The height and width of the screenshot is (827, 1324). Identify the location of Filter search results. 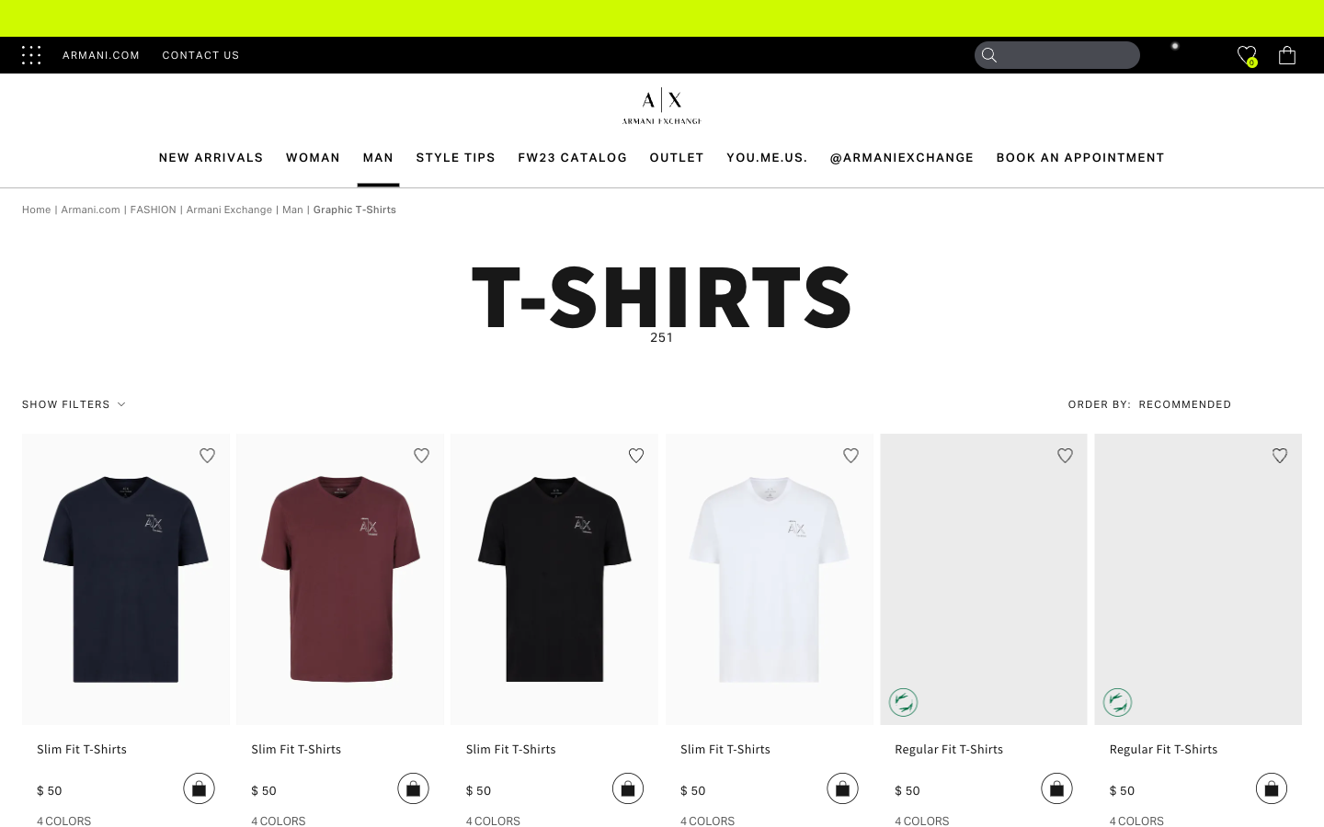
(1196, 404).